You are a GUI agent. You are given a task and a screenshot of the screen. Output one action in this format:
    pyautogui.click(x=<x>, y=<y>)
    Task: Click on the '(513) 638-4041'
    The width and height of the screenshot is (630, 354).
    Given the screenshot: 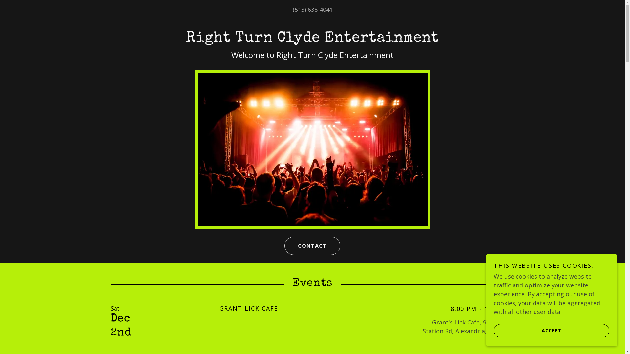 What is the action you would take?
    pyautogui.click(x=312, y=10)
    